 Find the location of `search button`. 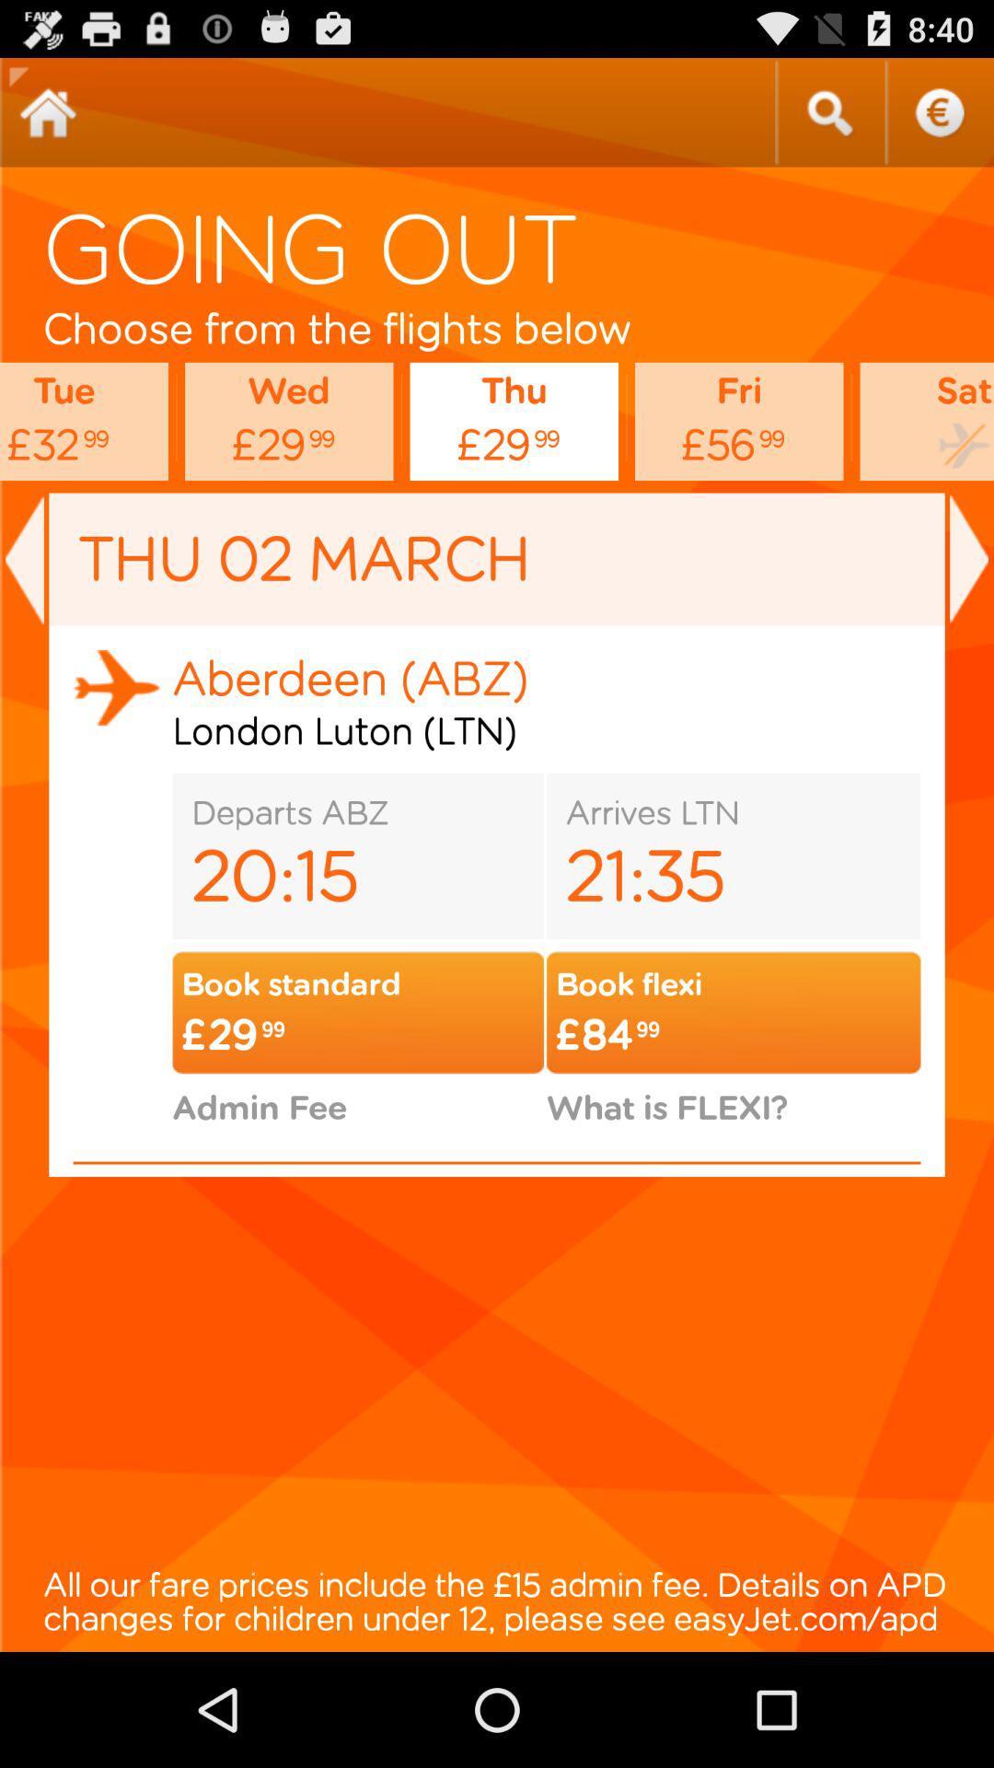

search button is located at coordinates (829, 111).